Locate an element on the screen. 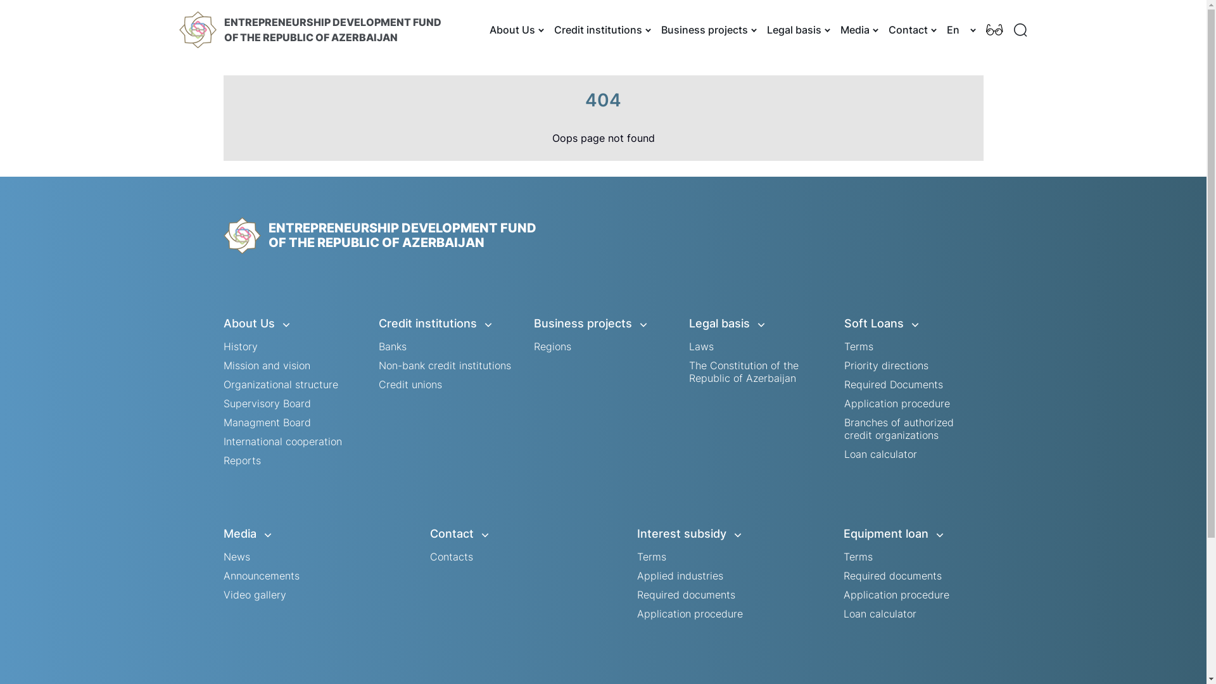  'Required documents' is located at coordinates (892, 576).